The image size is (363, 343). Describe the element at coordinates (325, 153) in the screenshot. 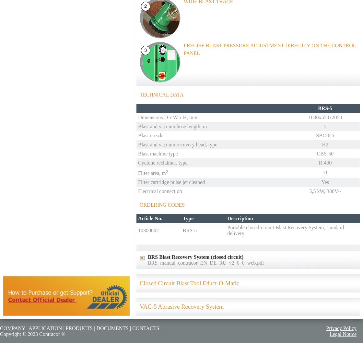

I see `'CBS-50'` at that location.